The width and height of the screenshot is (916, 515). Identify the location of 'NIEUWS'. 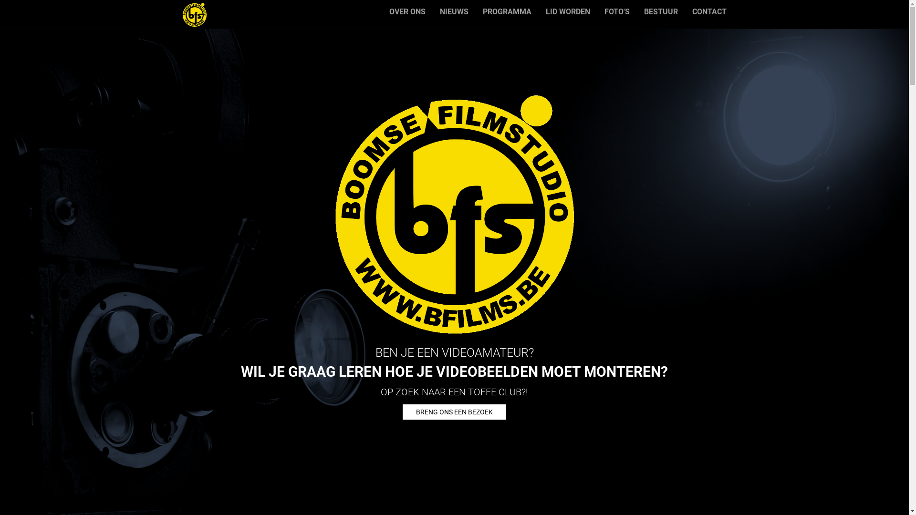
(453, 11).